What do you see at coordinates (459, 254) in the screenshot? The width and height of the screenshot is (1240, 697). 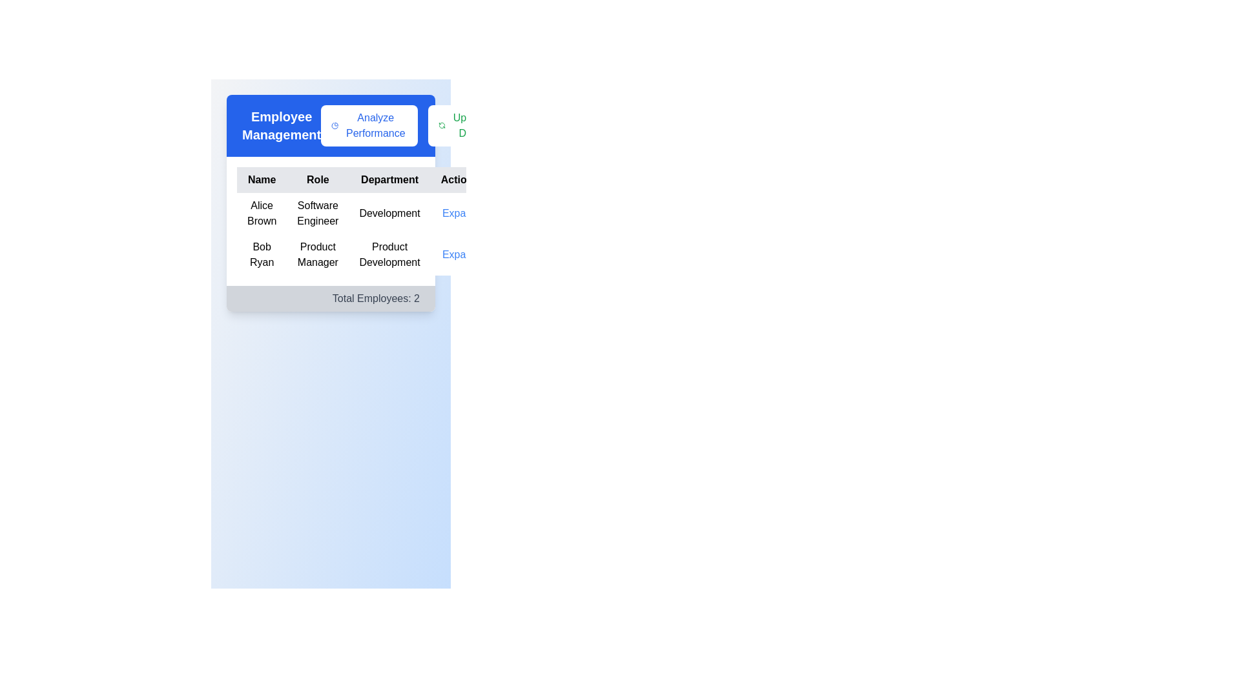 I see `the interactive text link in the 'Action' column associated with 'Bob Ryan'` at bounding box center [459, 254].